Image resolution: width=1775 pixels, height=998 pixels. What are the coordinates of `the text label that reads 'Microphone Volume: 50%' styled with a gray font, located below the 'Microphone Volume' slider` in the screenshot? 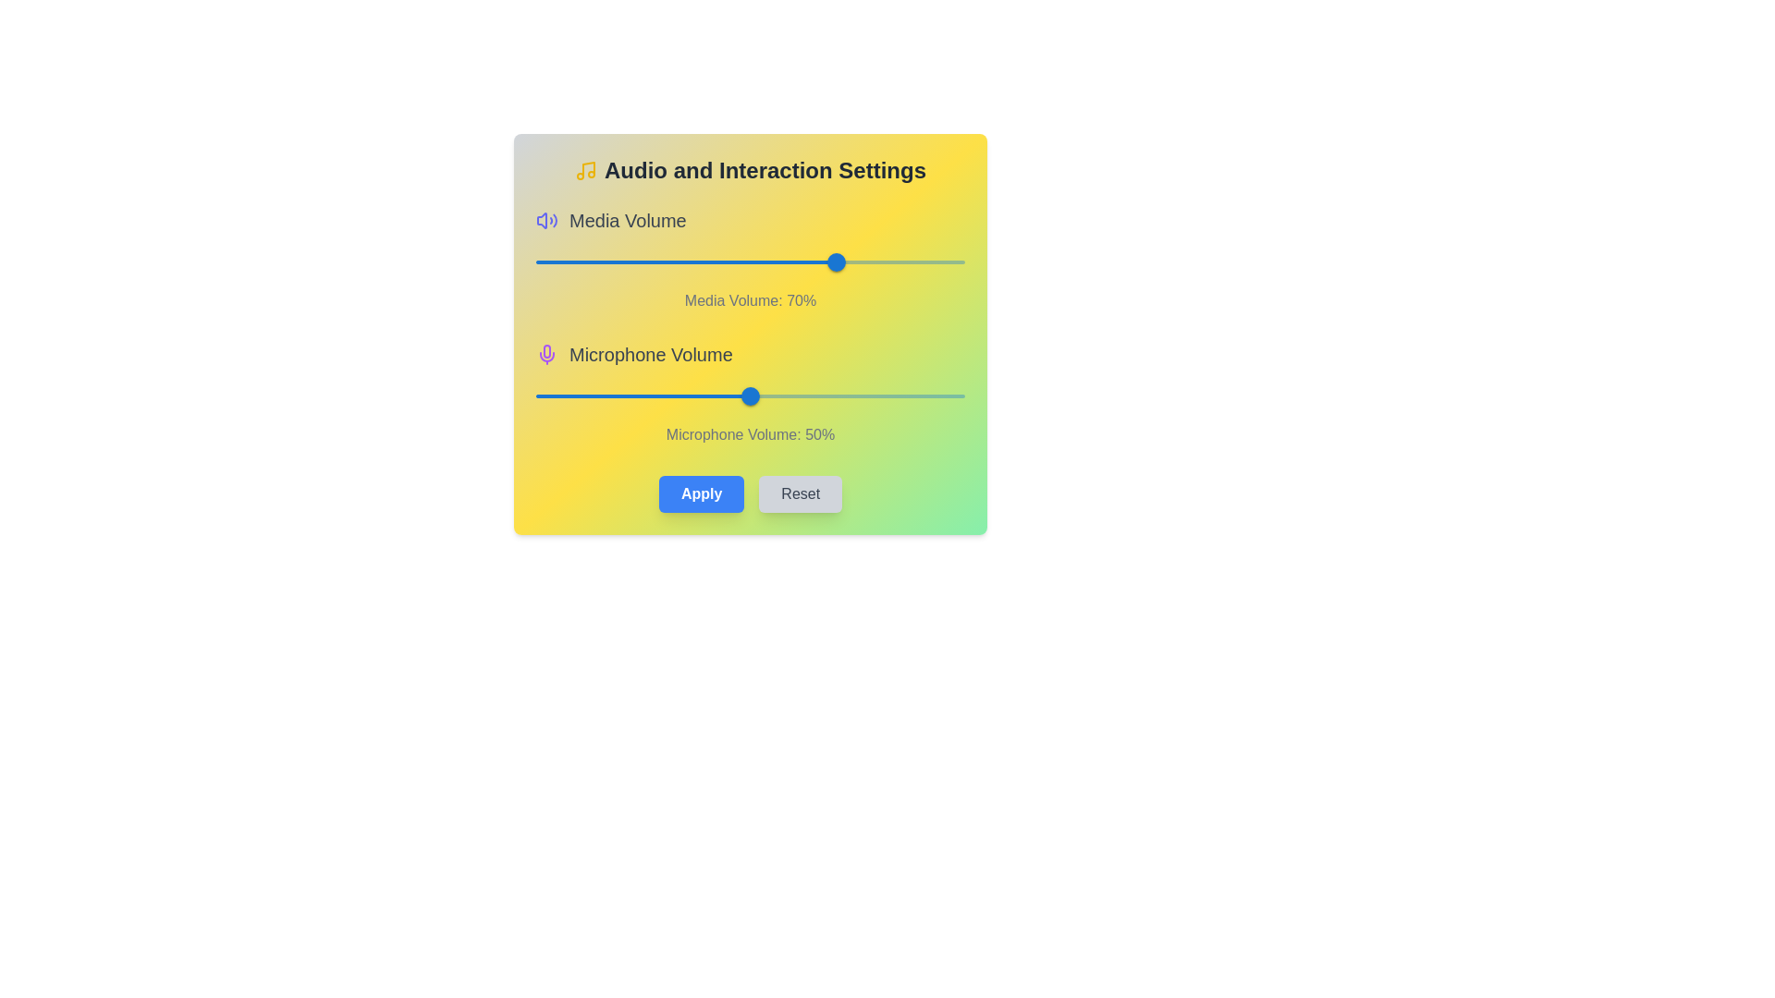 It's located at (750, 434).